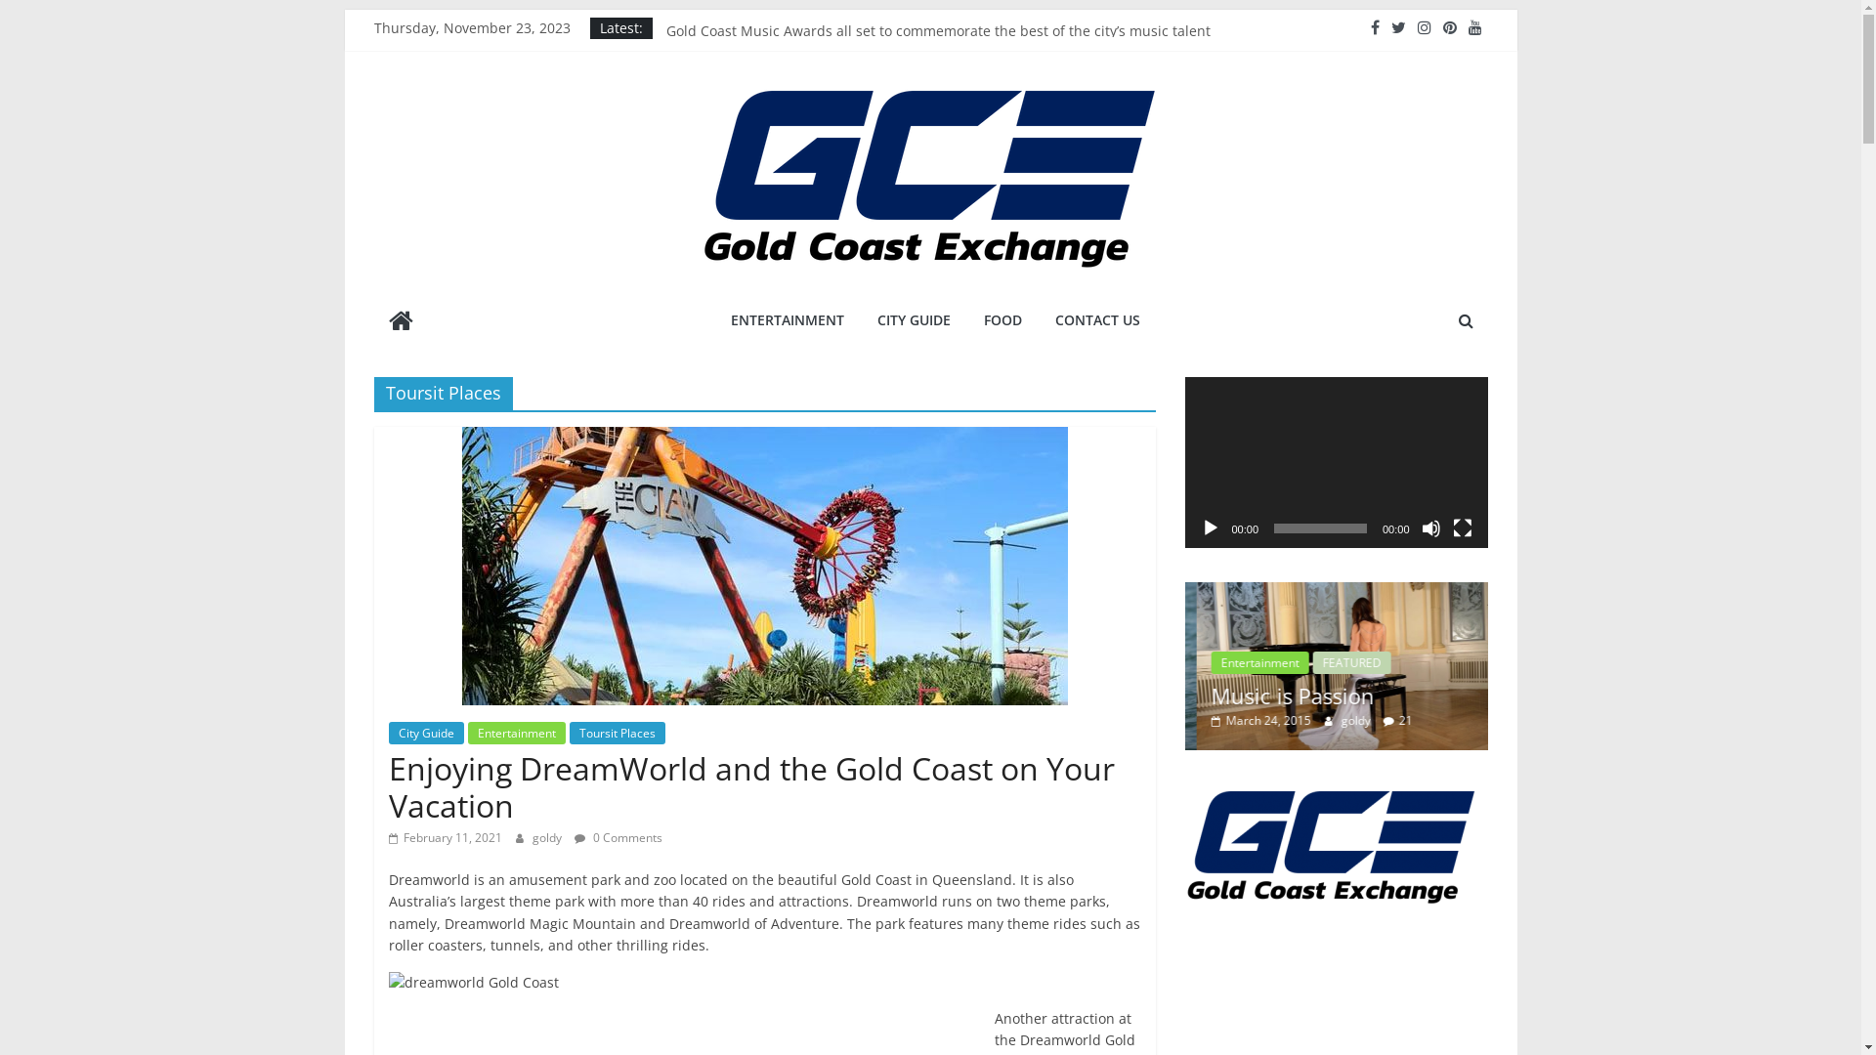 The height and width of the screenshot is (1055, 1876). What do you see at coordinates (1002, 319) in the screenshot?
I see `'FOOD'` at bounding box center [1002, 319].